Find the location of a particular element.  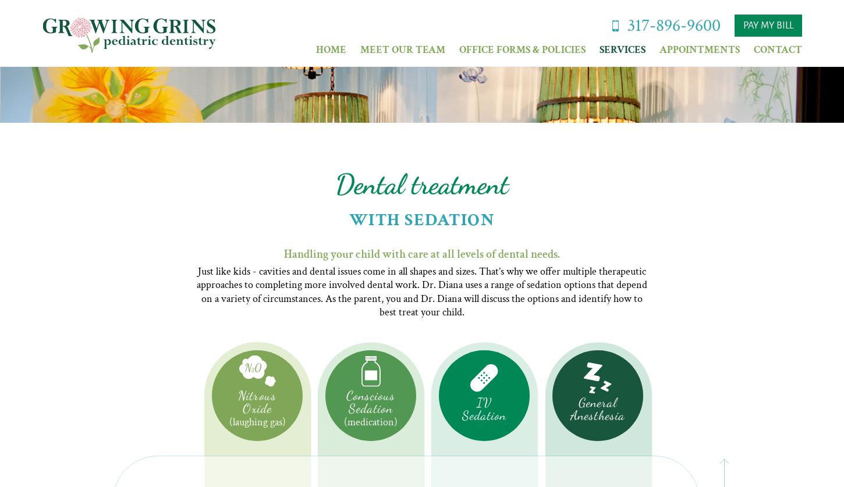

'General Anesthesia' is located at coordinates (598, 408).